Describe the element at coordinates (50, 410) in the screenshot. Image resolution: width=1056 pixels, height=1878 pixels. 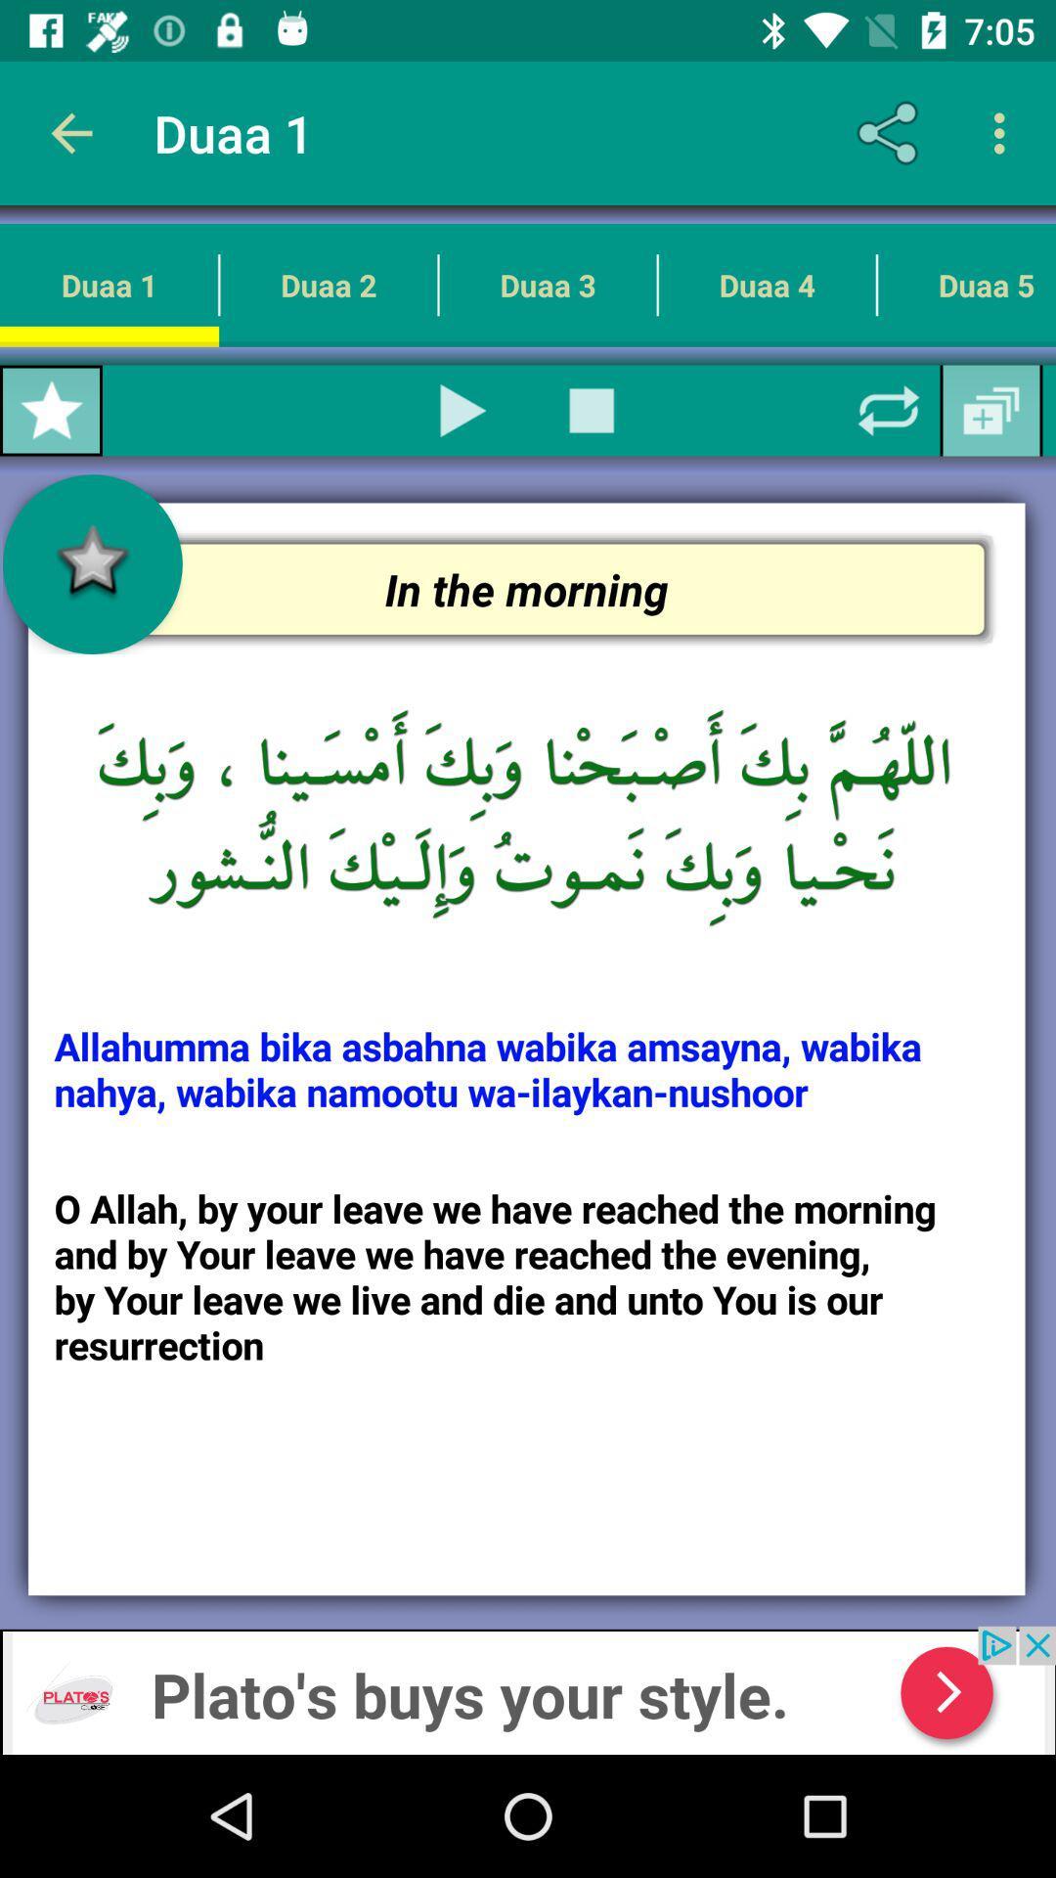
I see `app next to the duaa 2` at that location.